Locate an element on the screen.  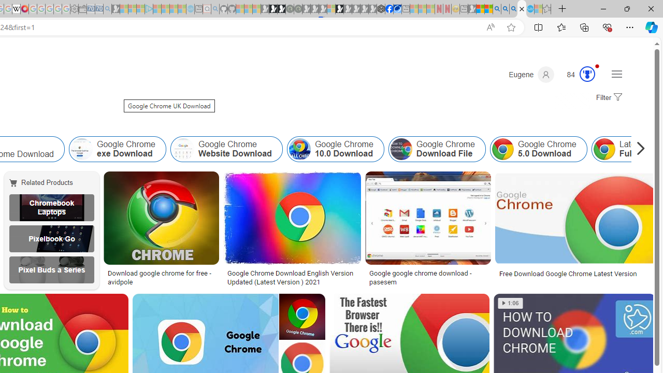
'Nordace - Cooler Bags' is located at coordinates (381, 9).